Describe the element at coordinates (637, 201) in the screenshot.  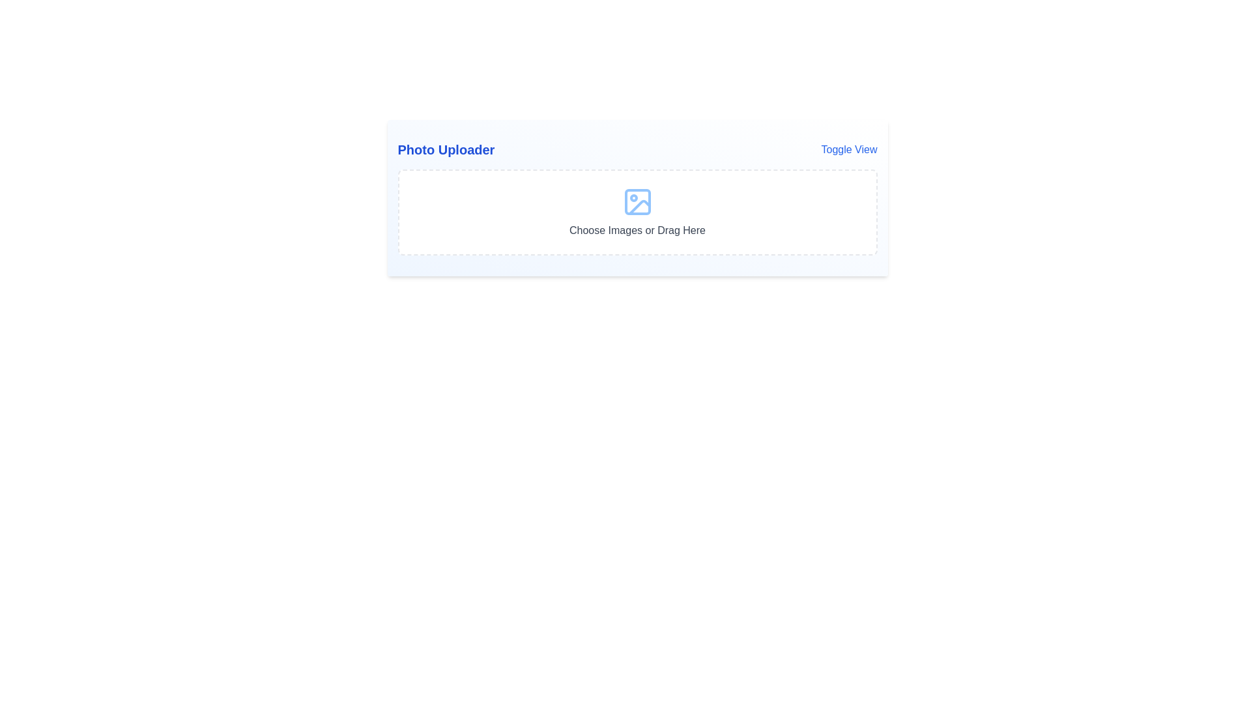
I see `the blue icon with an image-like design that resembles a drag-and-drop upload area, located in the 'Choose Images or Drag Here' section` at that location.